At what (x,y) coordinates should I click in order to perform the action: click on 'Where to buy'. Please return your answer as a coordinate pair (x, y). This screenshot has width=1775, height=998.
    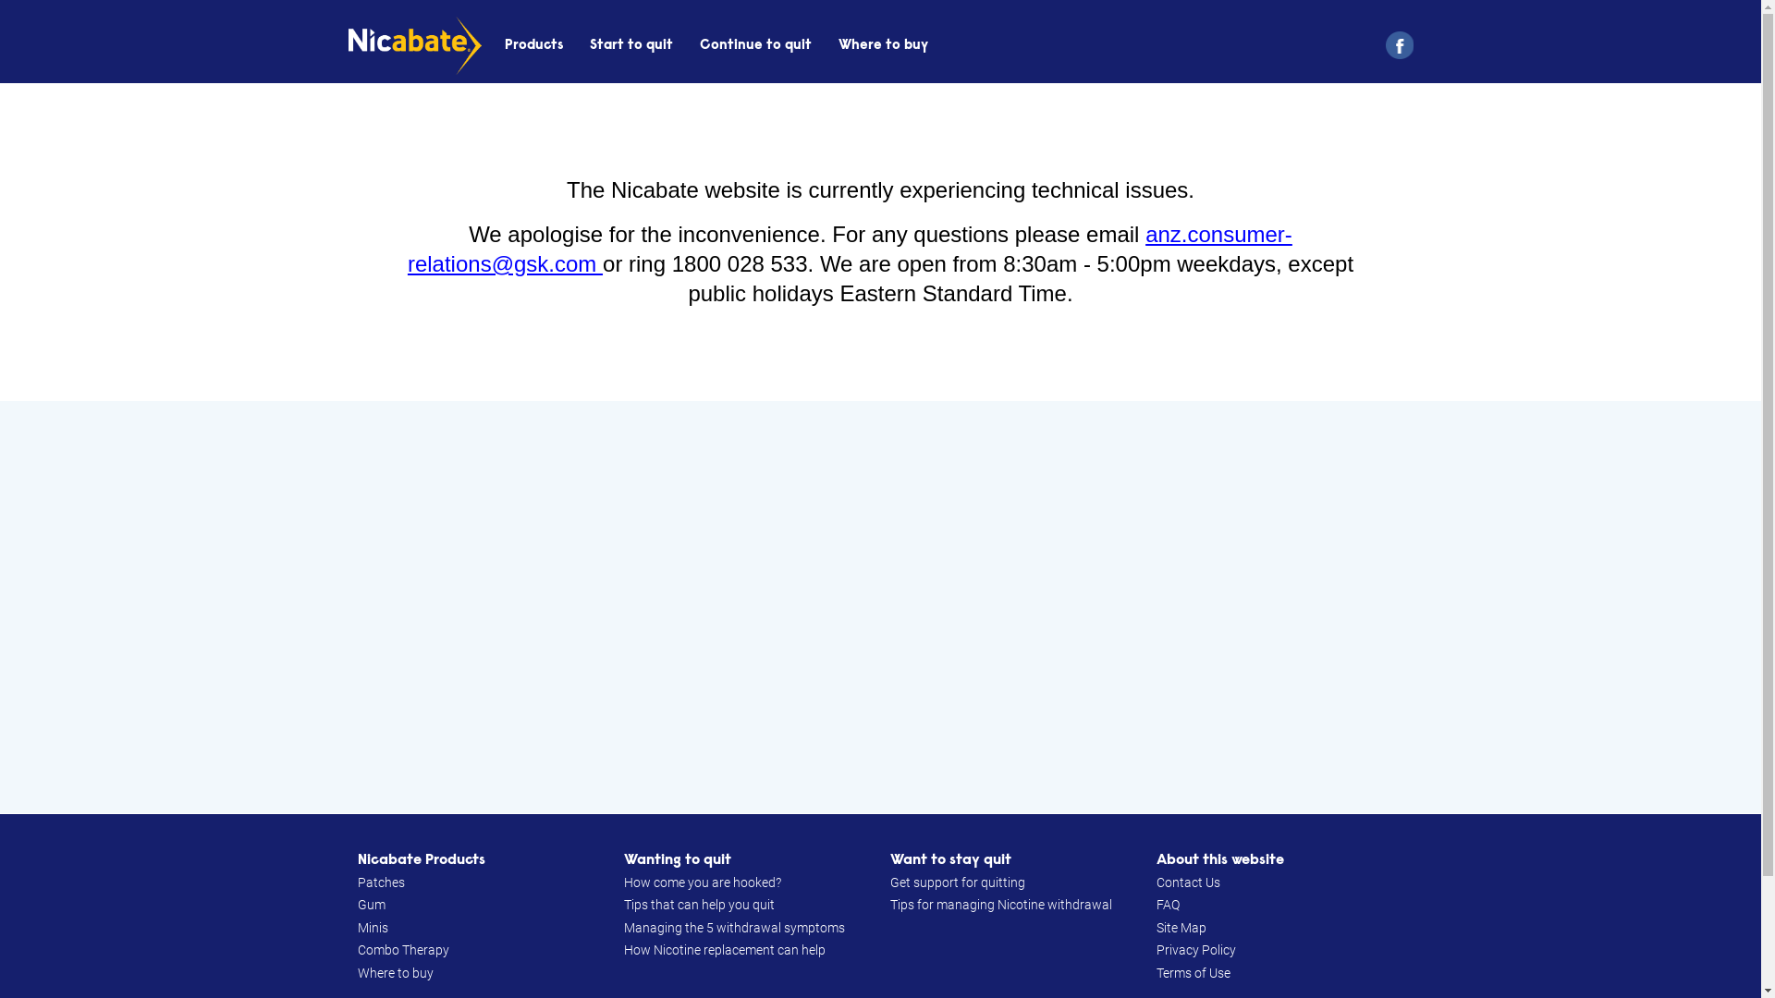
    Looking at the image, I should click on (394, 972).